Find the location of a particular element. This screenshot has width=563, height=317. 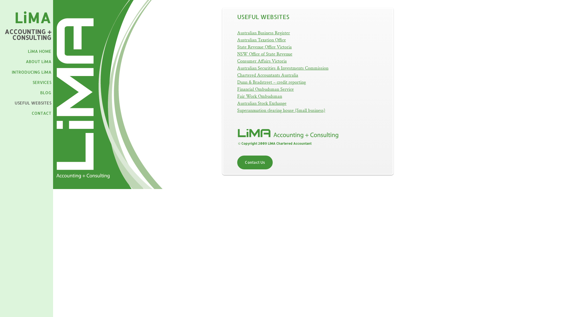

'CONTACT' is located at coordinates (41, 113).